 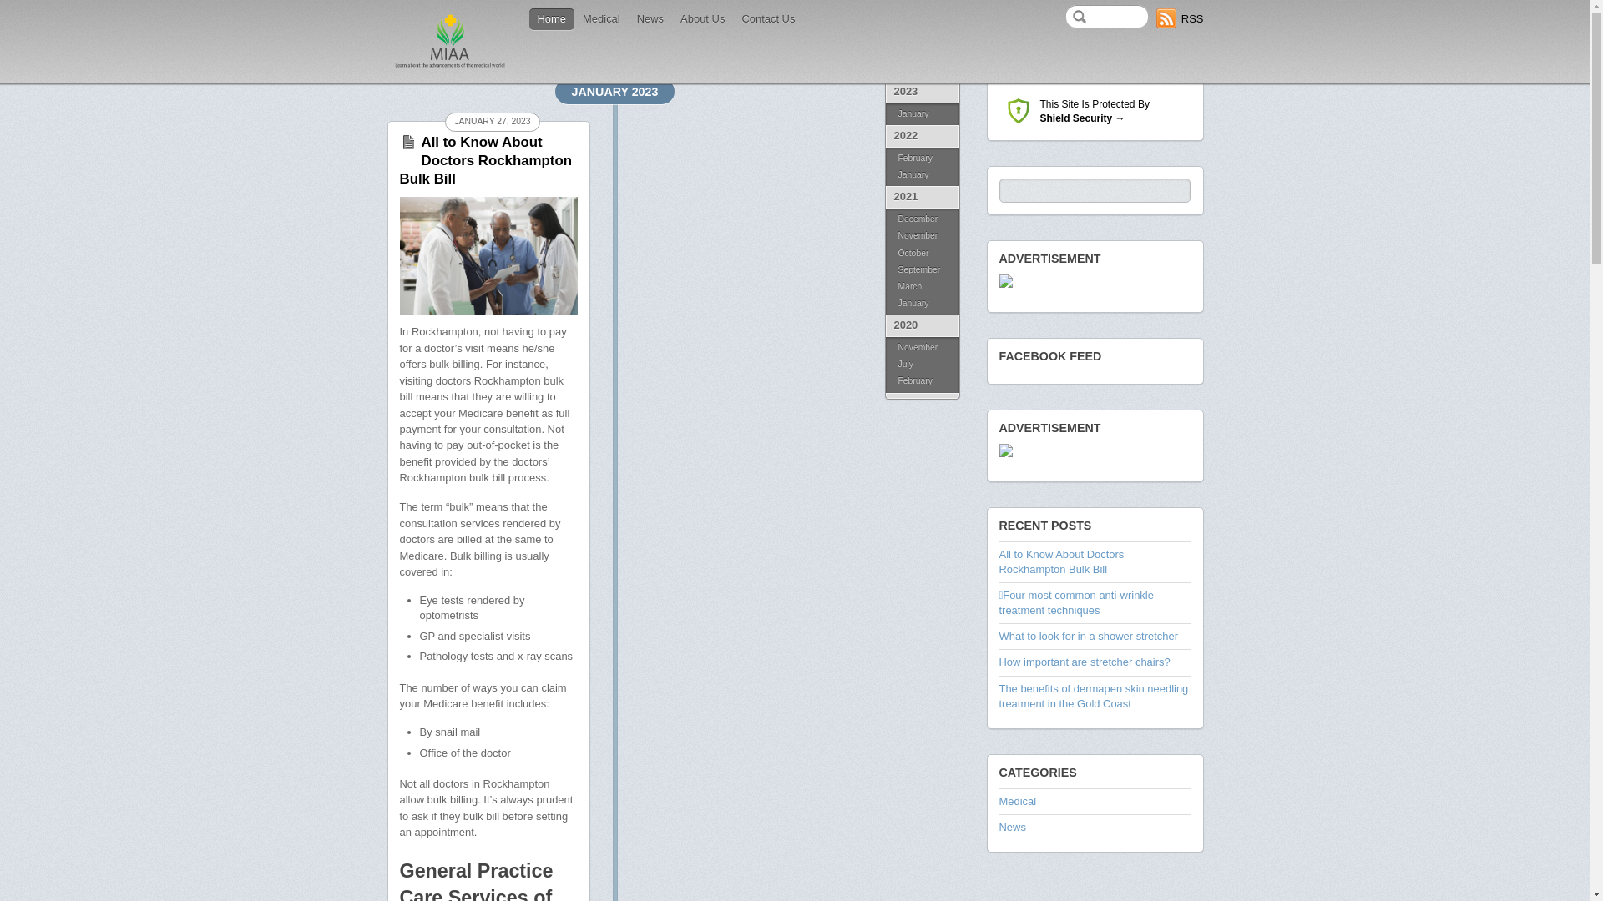 I want to click on 'October', so click(x=921, y=254).